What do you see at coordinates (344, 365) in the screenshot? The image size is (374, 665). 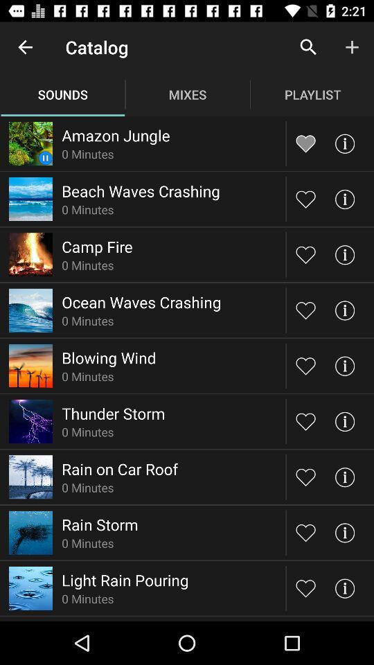 I see `open information` at bounding box center [344, 365].